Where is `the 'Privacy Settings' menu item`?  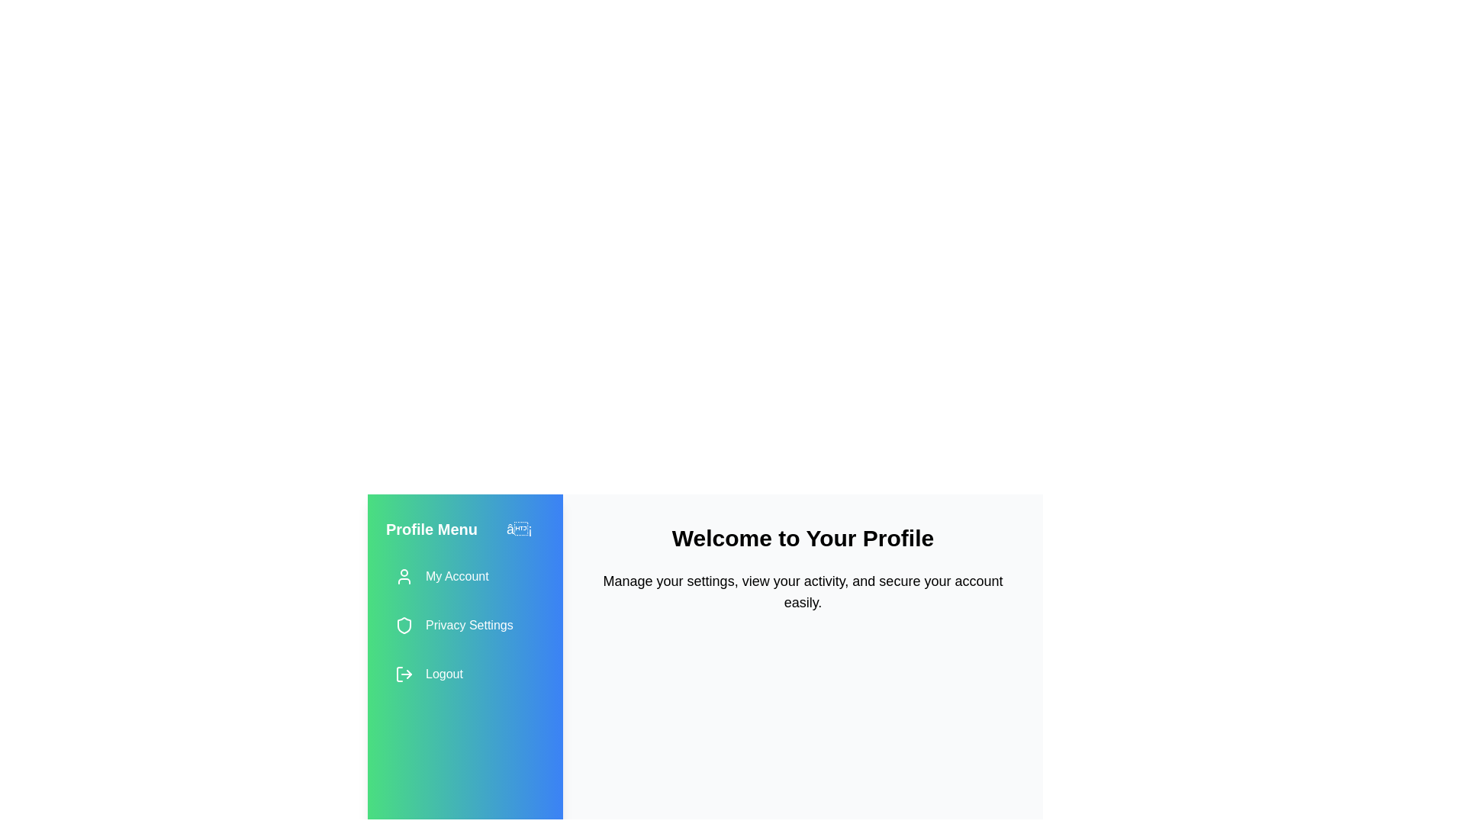
the 'Privacy Settings' menu item is located at coordinates (464, 626).